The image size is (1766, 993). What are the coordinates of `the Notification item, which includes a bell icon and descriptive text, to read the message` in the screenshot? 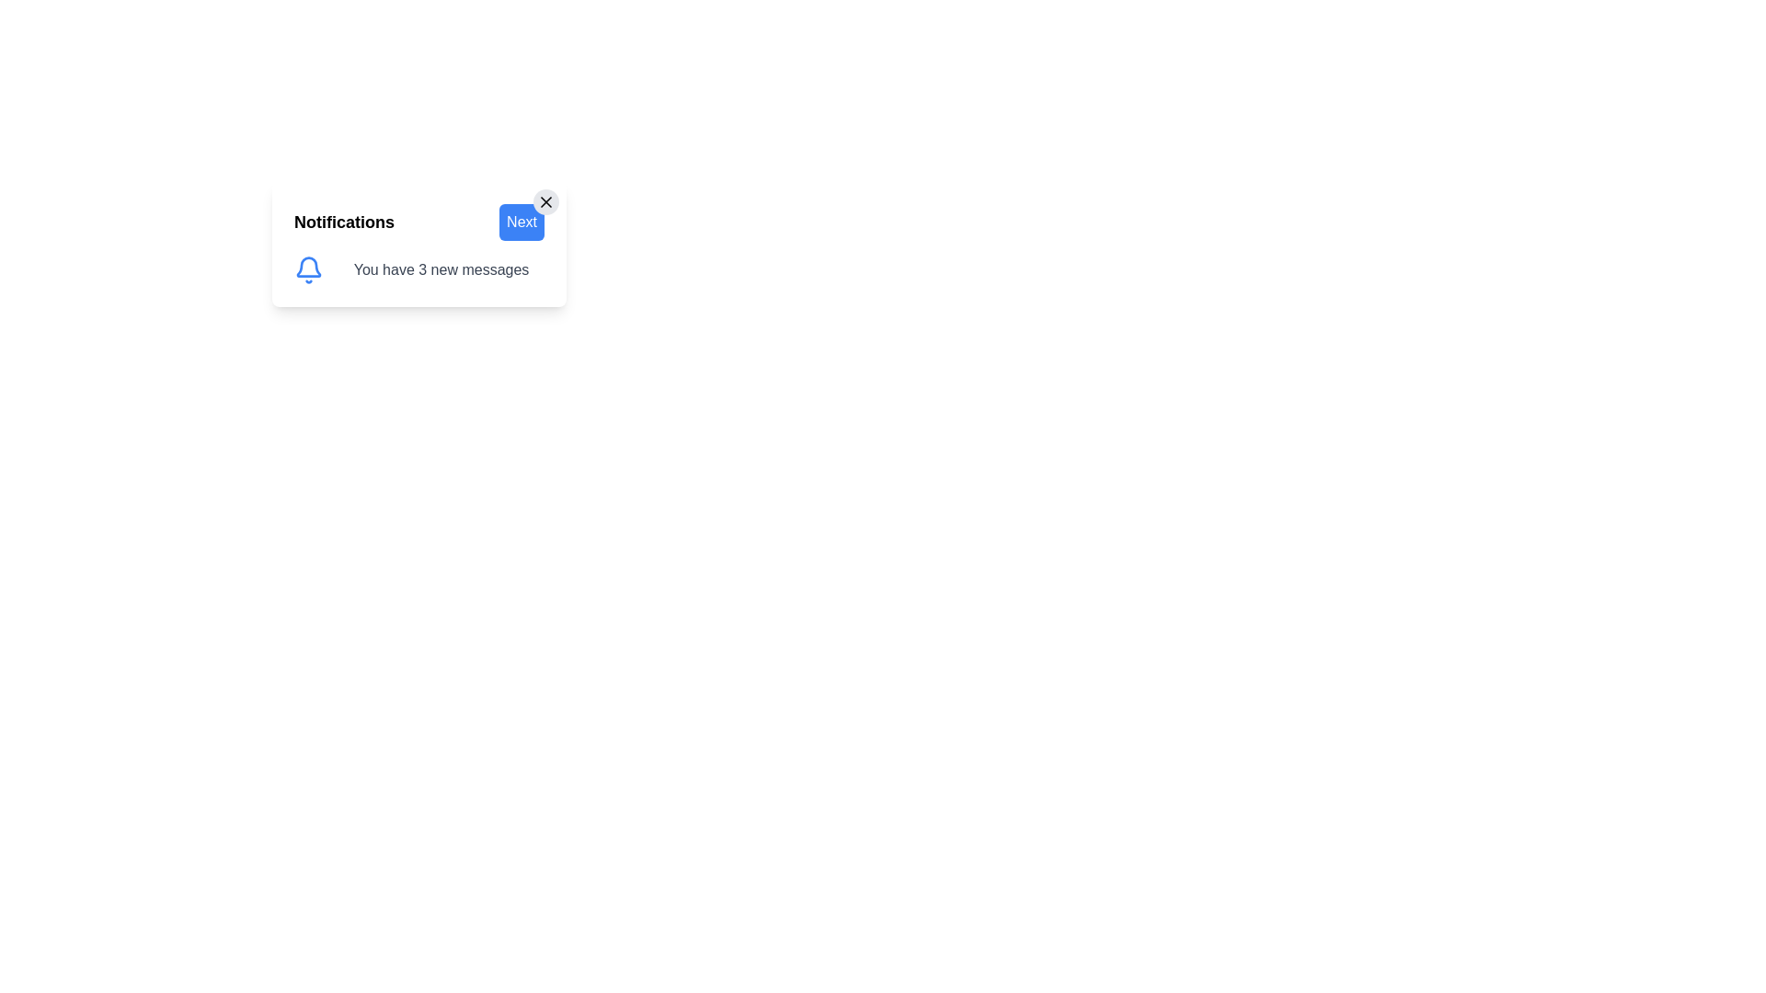 It's located at (419, 269).